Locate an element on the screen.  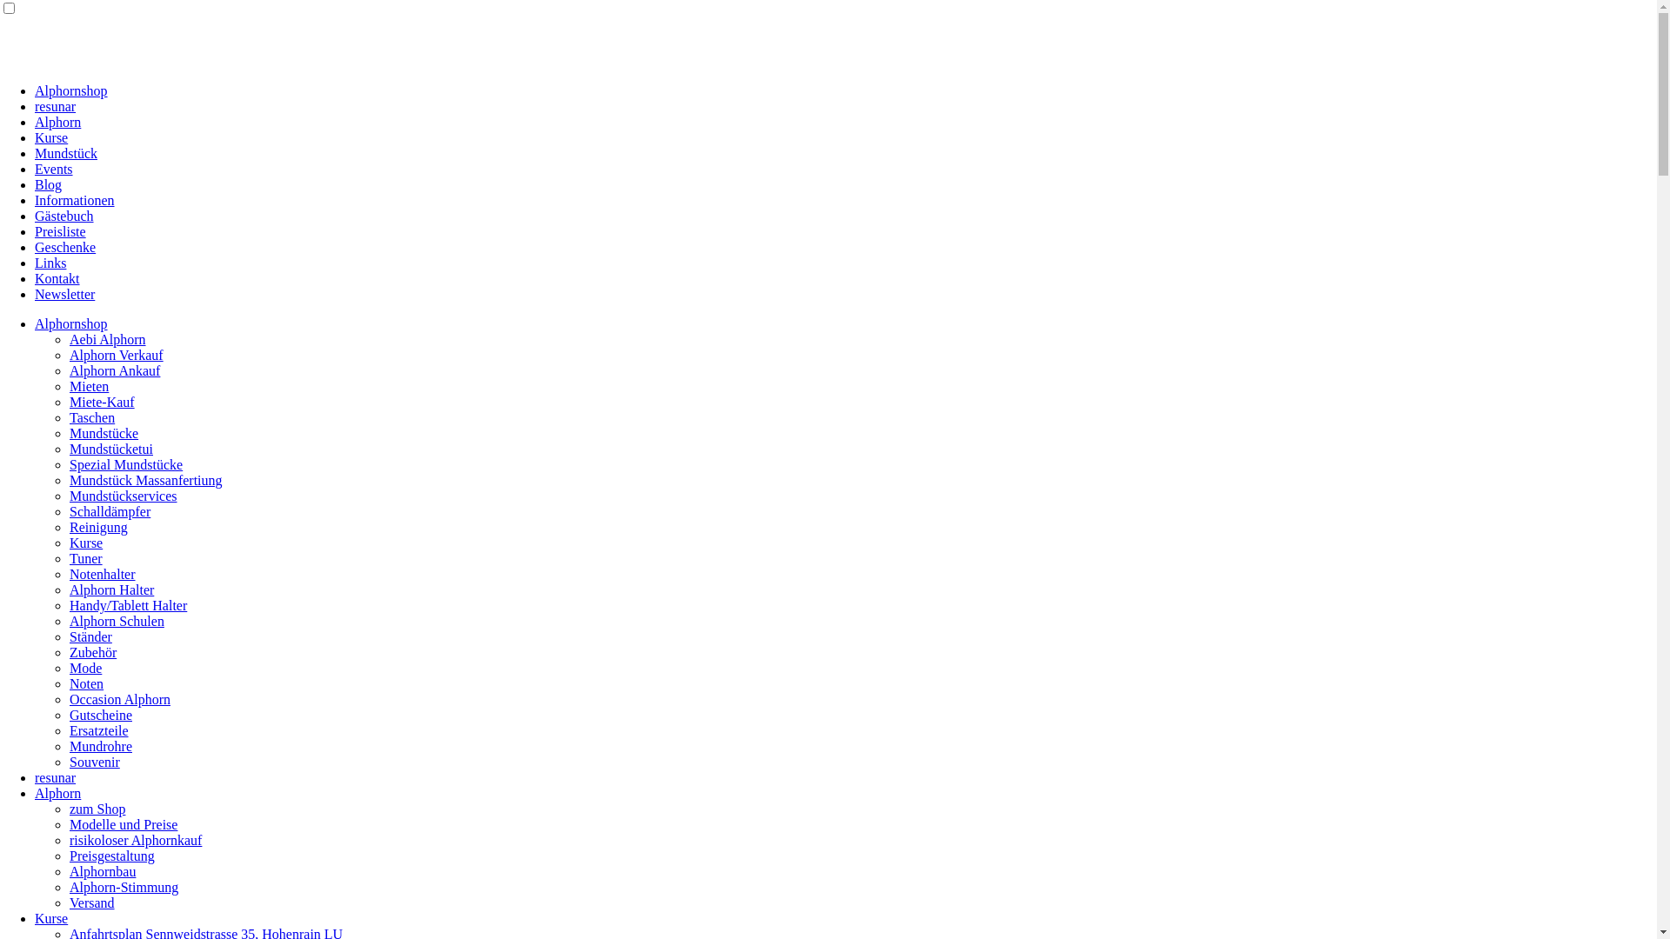
'Newsletter' is located at coordinates (64, 293).